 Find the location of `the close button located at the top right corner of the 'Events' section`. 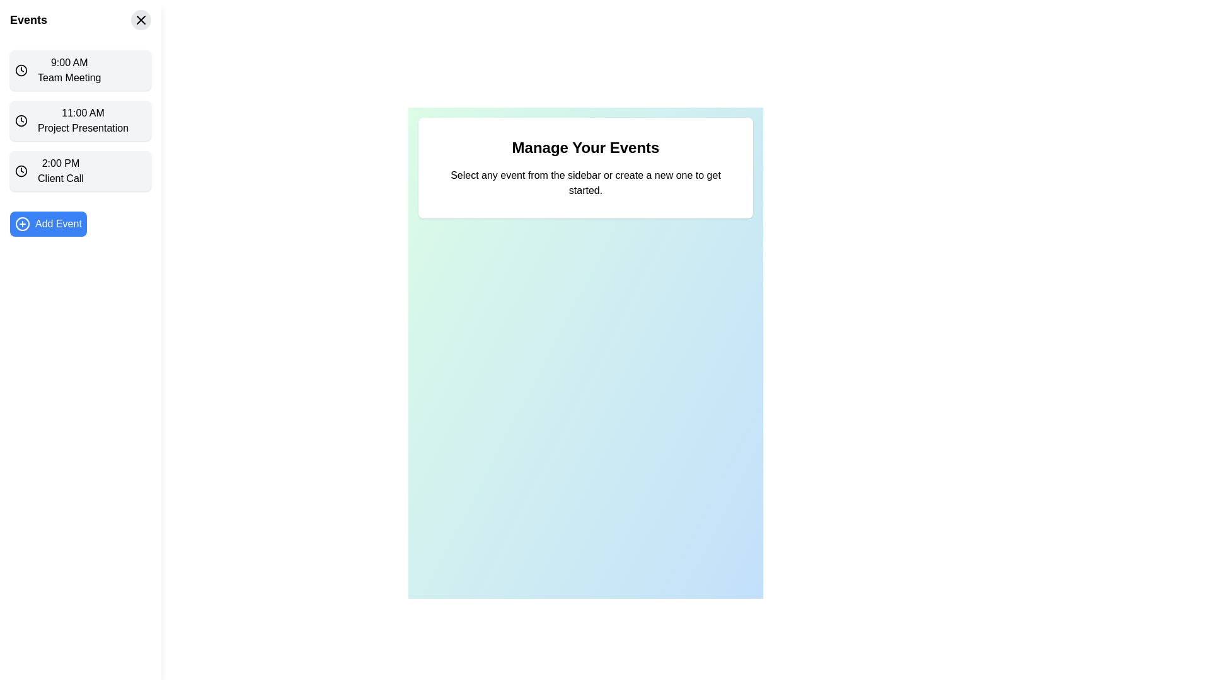

the close button located at the top right corner of the 'Events' section is located at coordinates (141, 20).